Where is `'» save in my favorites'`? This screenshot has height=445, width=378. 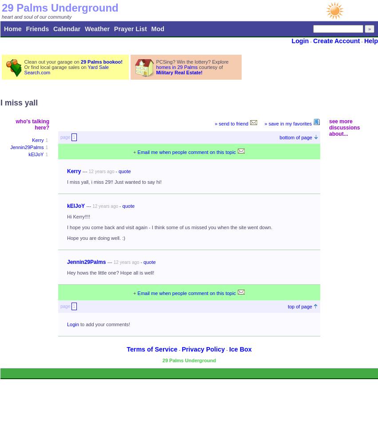
'» save in my favorites' is located at coordinates (288, 124).